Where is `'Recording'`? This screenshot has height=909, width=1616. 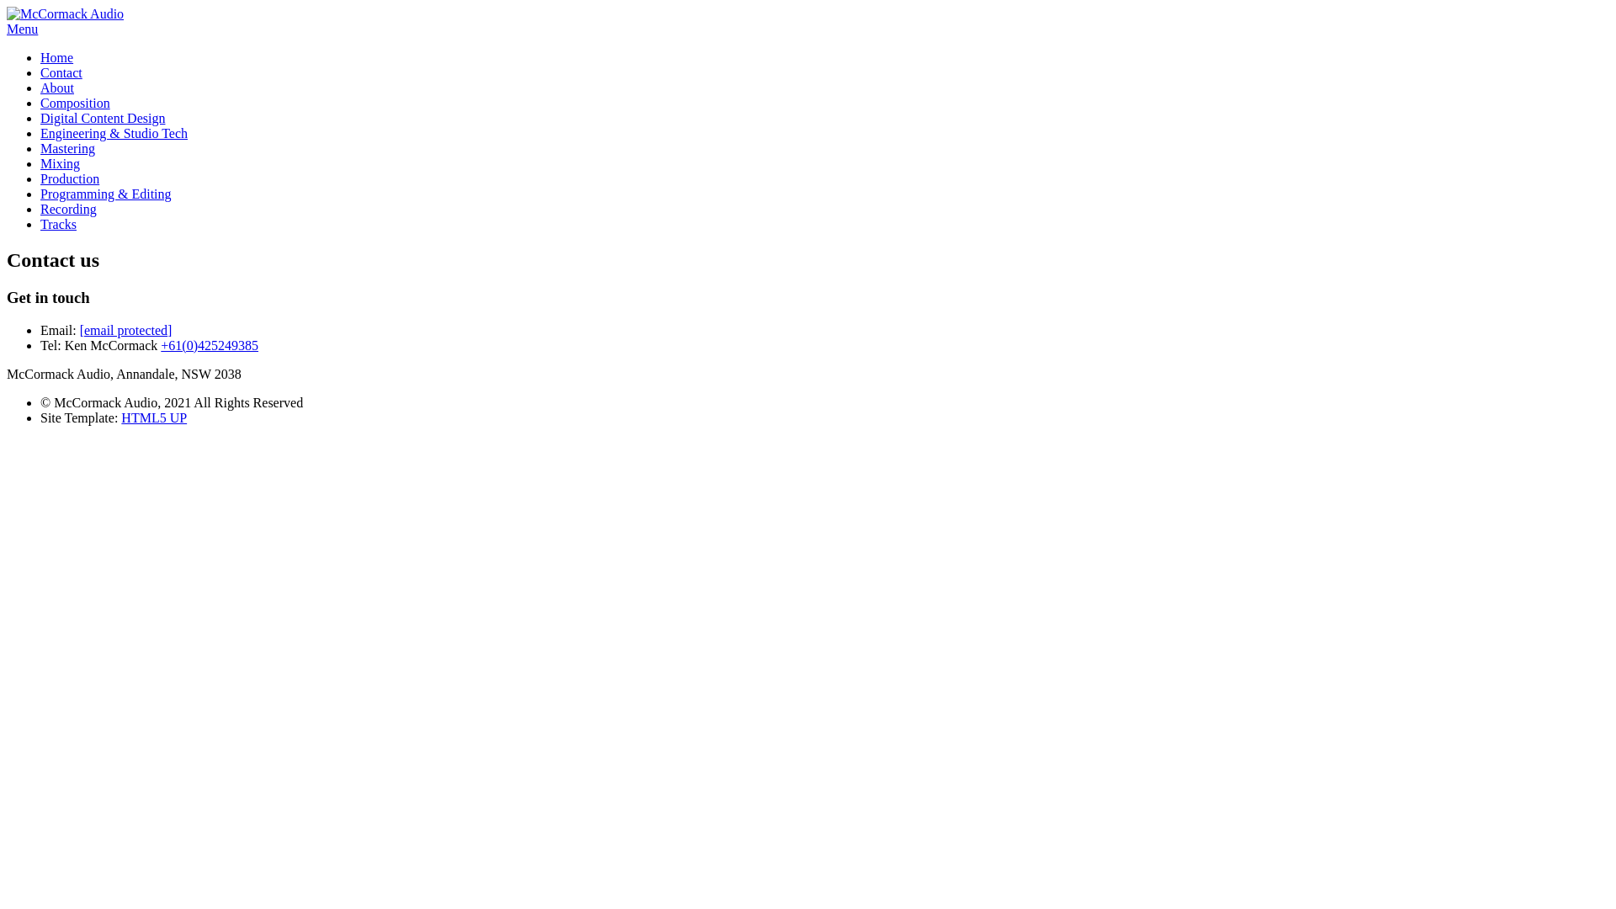
'Recording' is located at coordinates (67, 208).